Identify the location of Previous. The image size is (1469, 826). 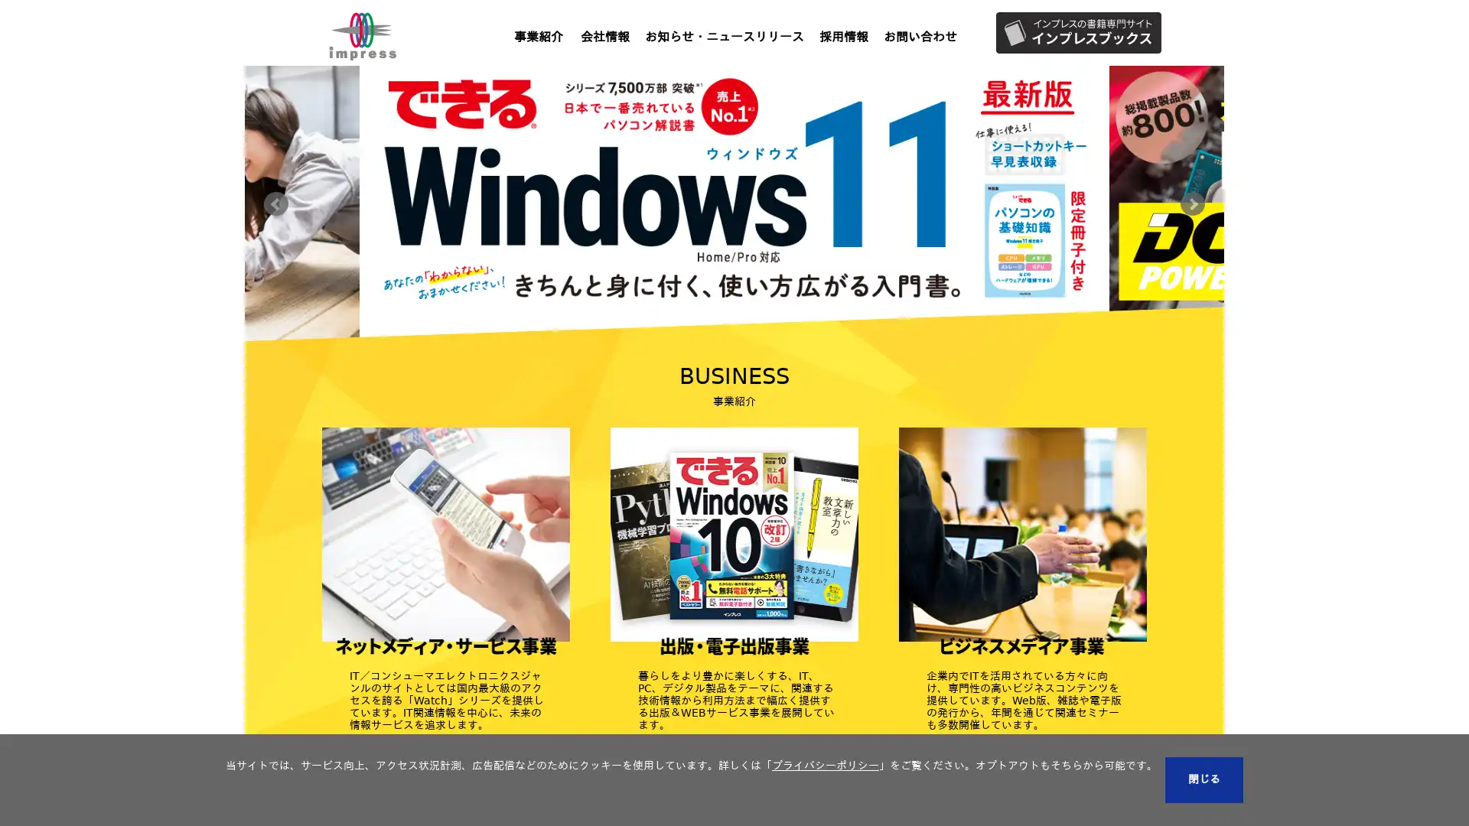
(275, 203).